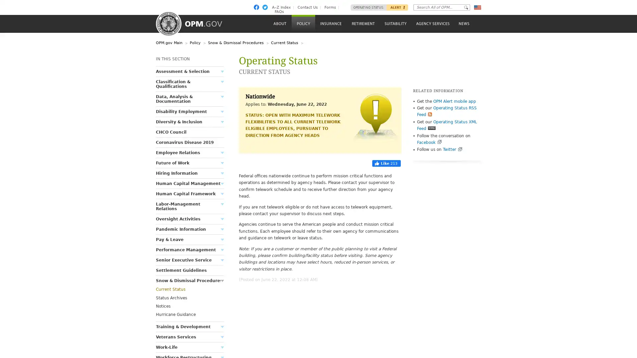 The image size is (637, 358). What do you see at coordinates (466, 7) in the screenshot?
I see `Go` at bounding box center [466, 7].